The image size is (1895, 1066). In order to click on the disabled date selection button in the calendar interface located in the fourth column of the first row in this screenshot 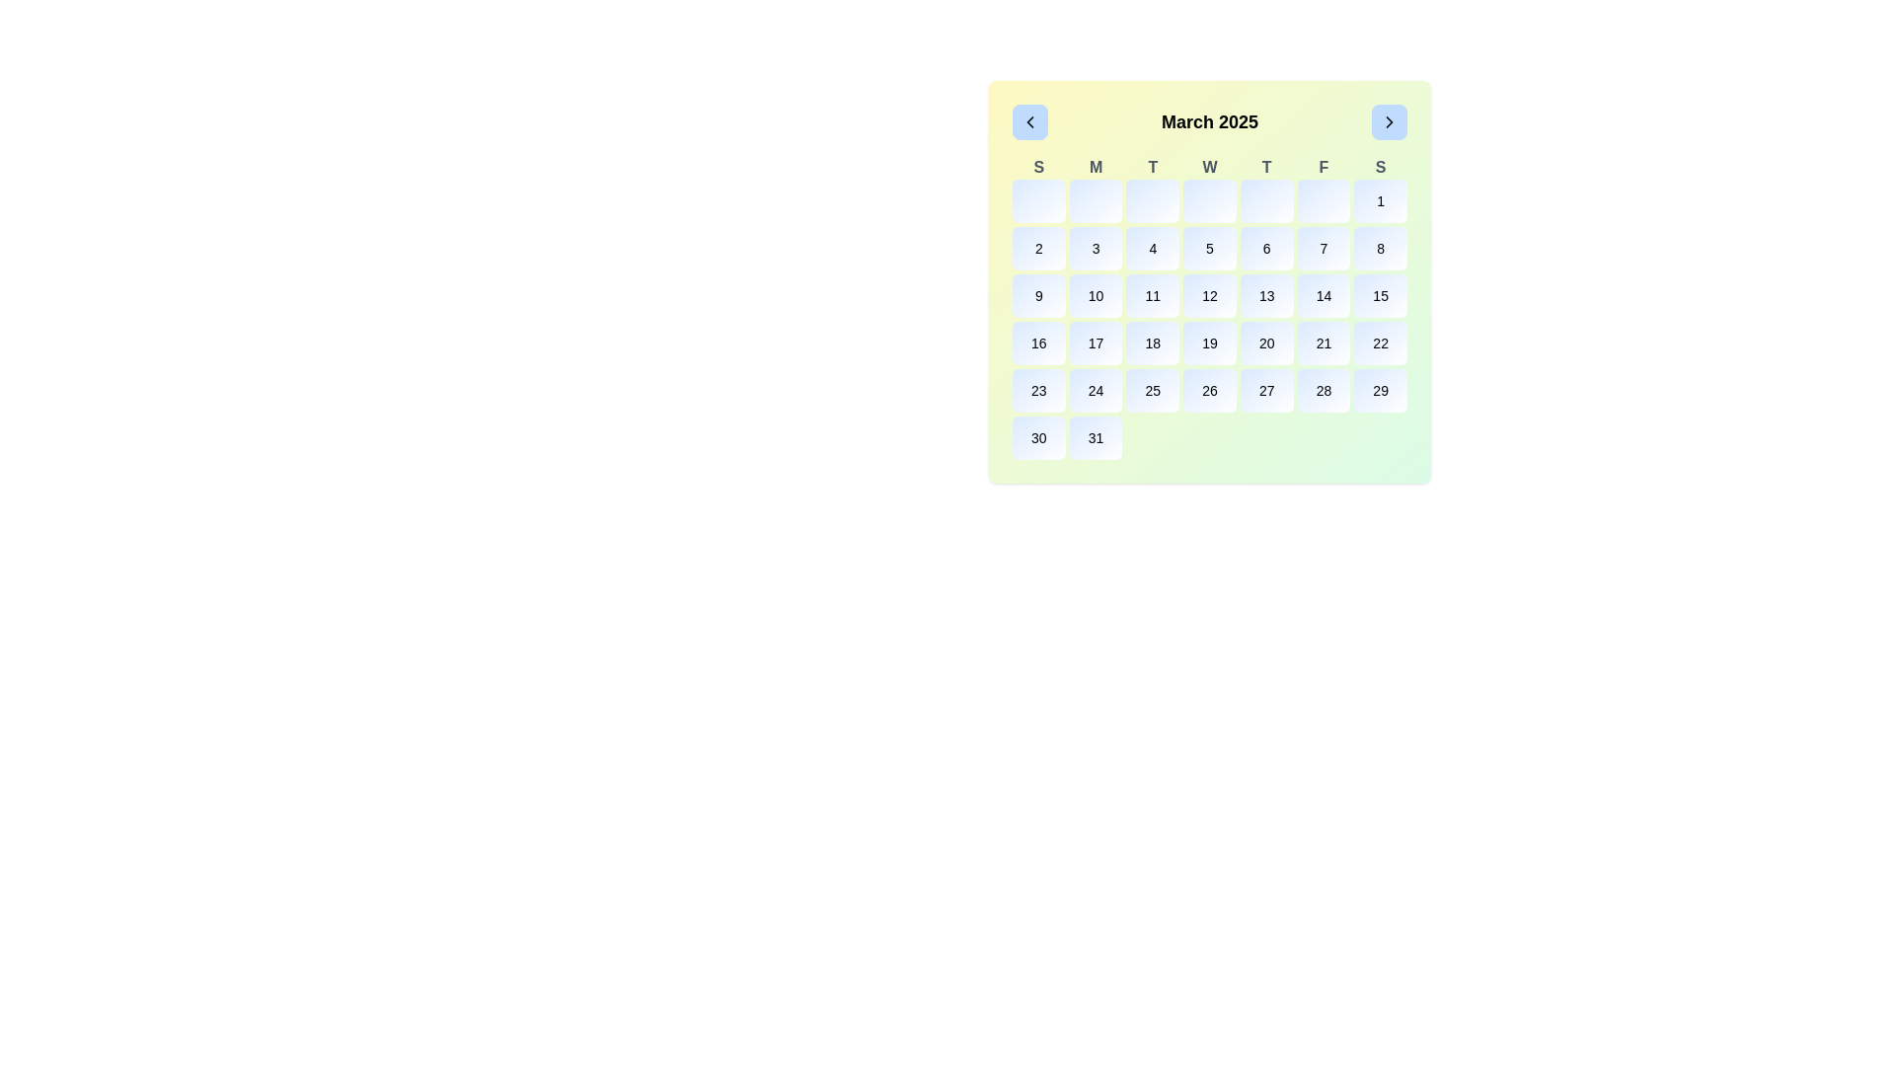, I will do `click(1208, 201)`.